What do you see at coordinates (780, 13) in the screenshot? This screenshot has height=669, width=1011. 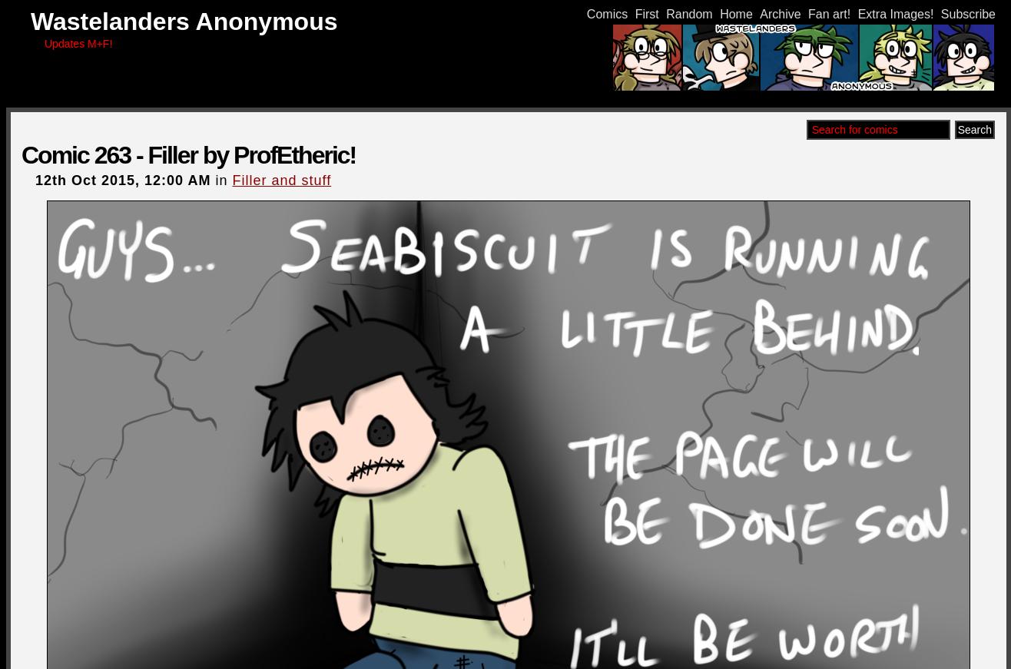 I see `'Archive'` at bounding box center [780, 13].